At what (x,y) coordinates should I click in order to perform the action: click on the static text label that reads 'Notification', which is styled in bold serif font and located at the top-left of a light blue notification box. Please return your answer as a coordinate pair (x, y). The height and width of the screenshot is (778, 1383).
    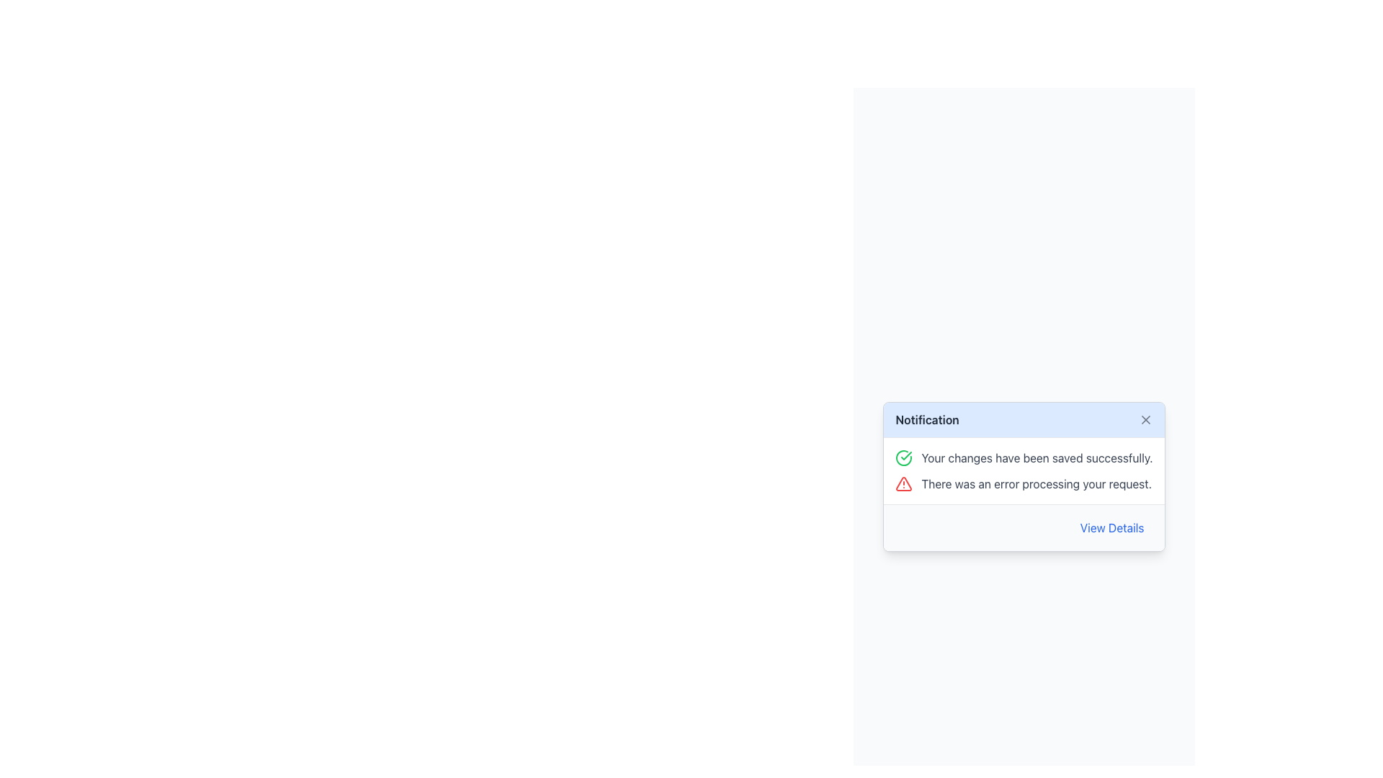
    Looking at the image, I should click on (927, 419).